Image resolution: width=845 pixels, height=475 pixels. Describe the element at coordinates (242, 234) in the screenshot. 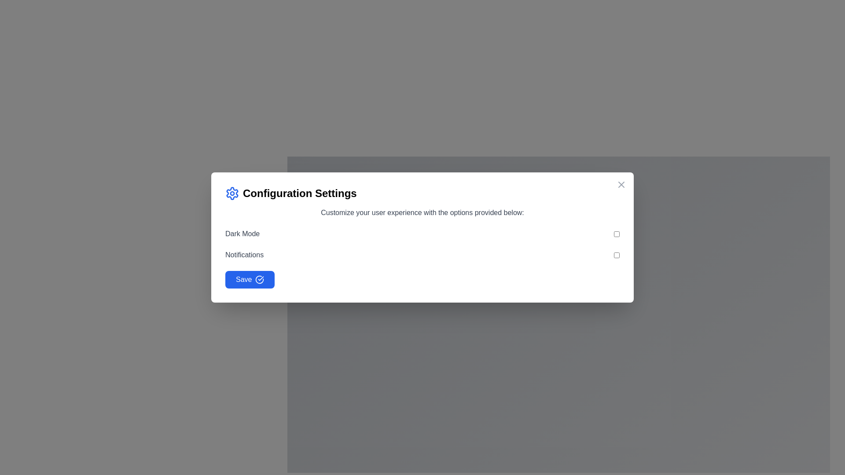

I see `the text label that indicates the purpose of the adjacent toggle switch, which is the first text label in a vertical list of configuration options in the modal` at that location.